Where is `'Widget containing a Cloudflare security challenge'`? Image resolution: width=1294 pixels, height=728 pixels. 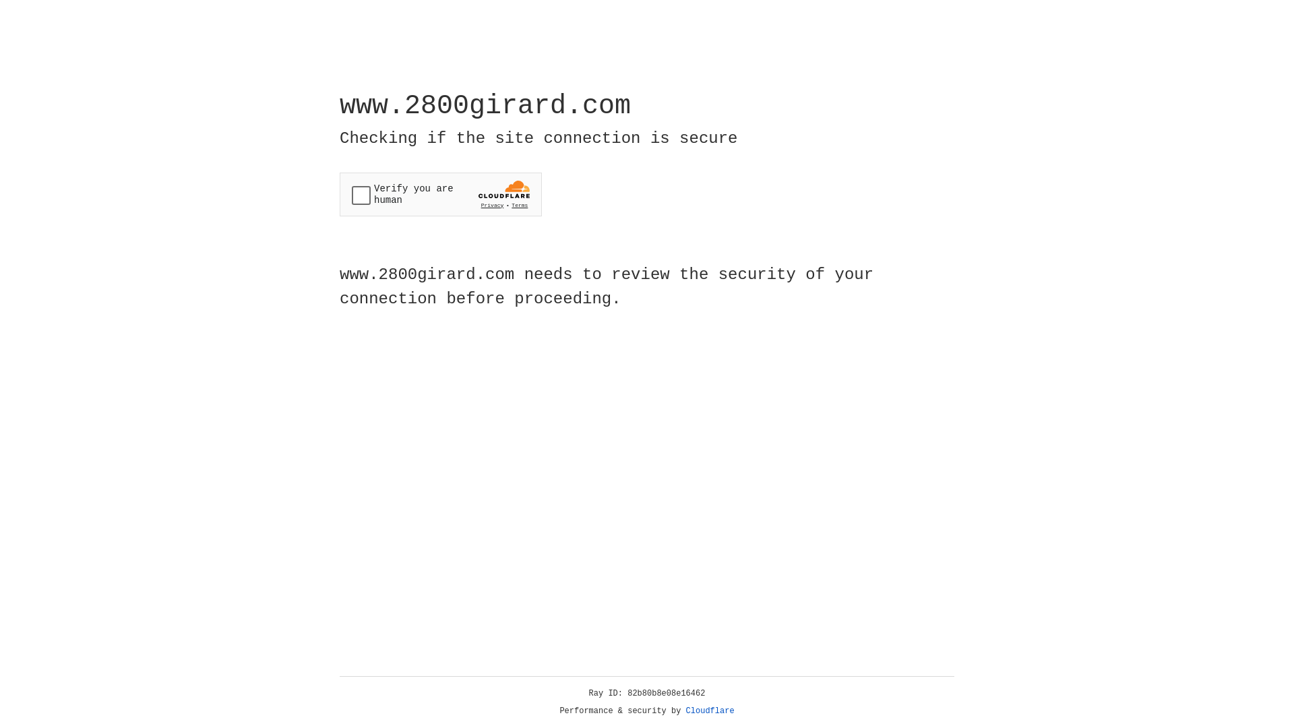
'Widget containing a Cloudflare security challenge' is located at coordinates (440, 194).